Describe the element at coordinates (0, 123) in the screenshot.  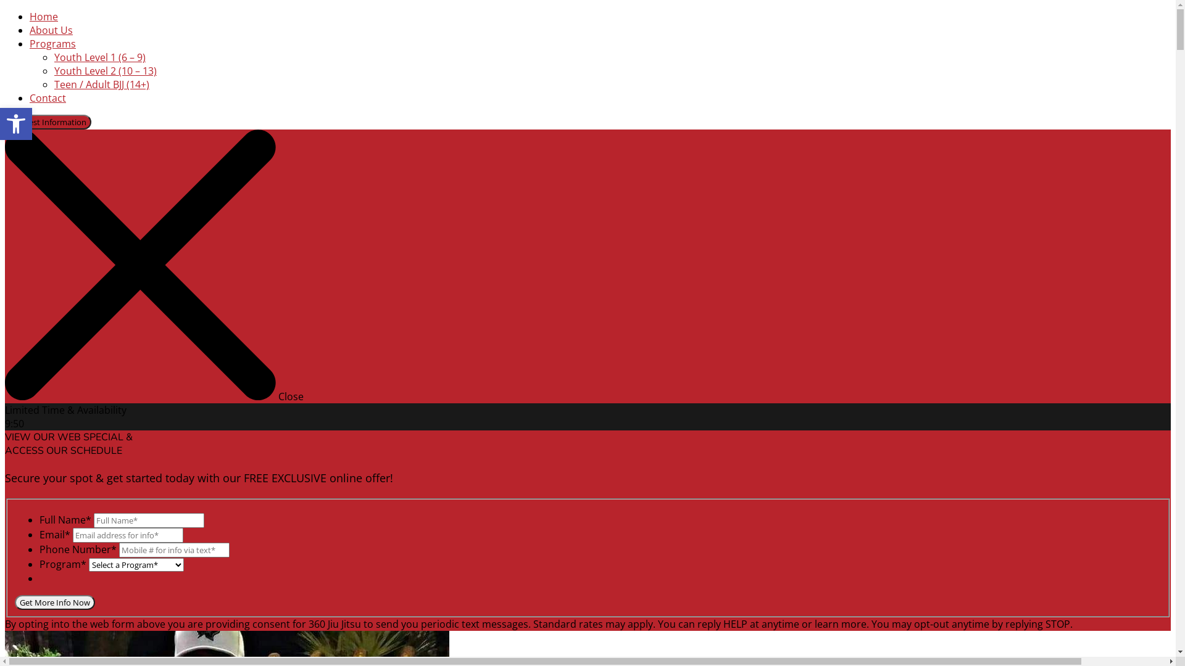
I see `'Open toolbar` at that location.